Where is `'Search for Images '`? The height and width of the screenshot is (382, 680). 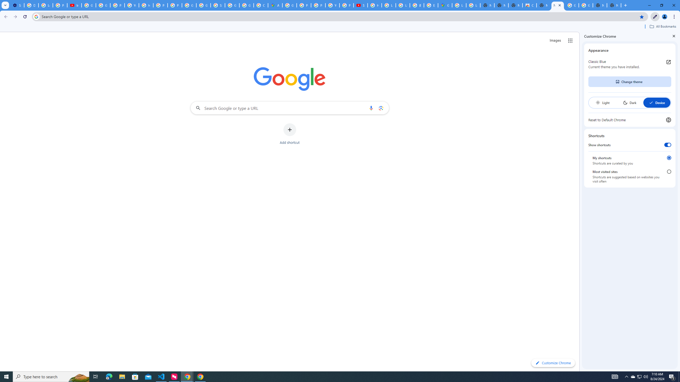 'Search for Images ' is located at coordinates (555, 41).